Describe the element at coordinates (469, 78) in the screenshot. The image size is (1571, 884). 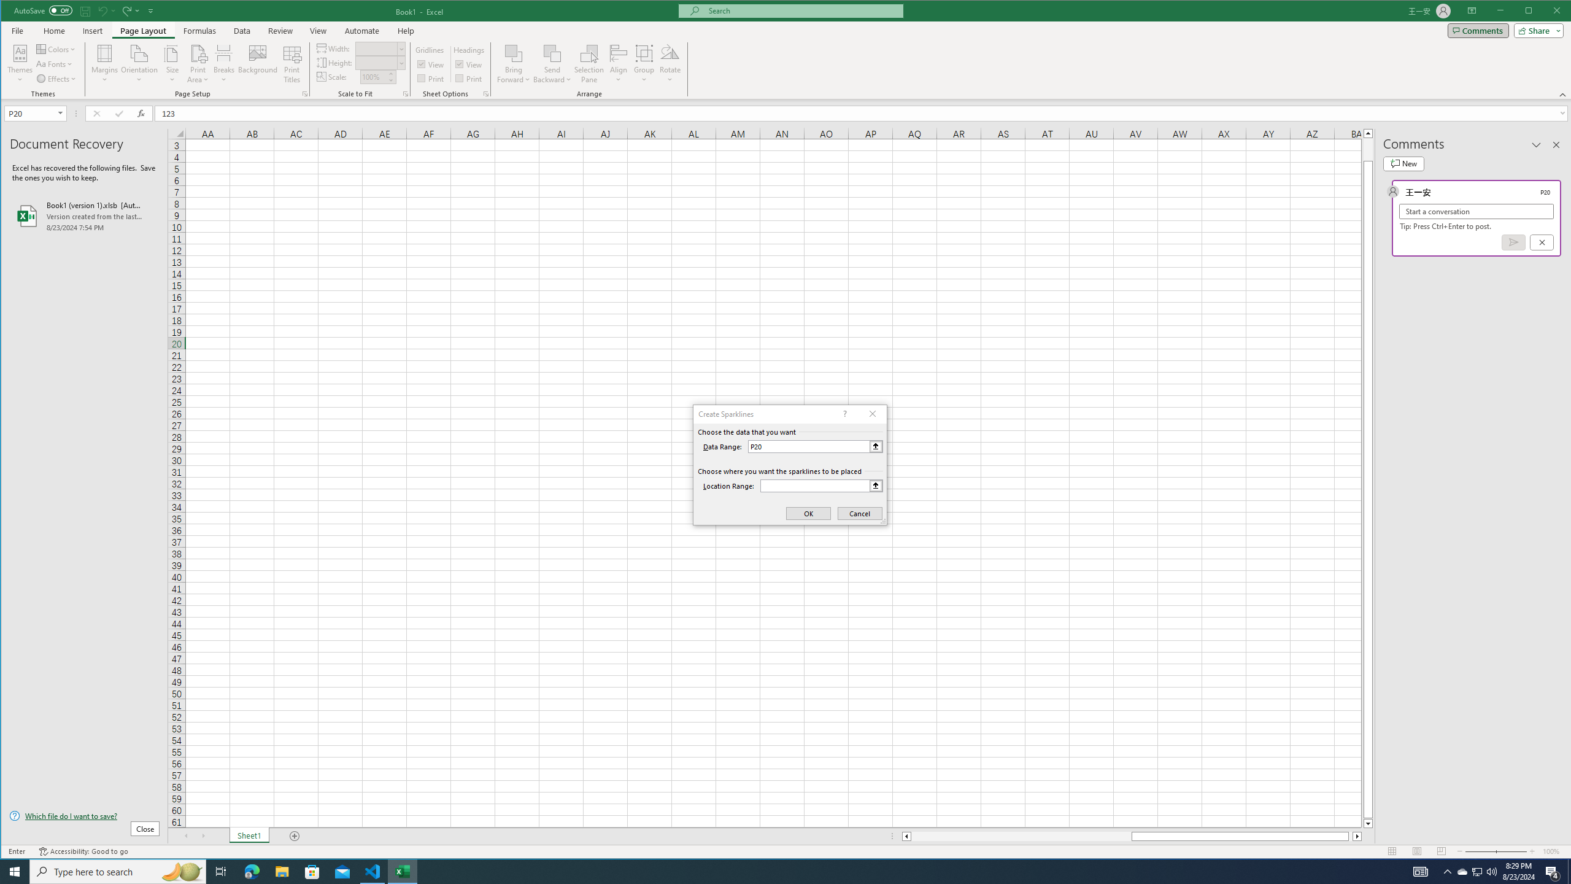
I see `'Print'` at that location.